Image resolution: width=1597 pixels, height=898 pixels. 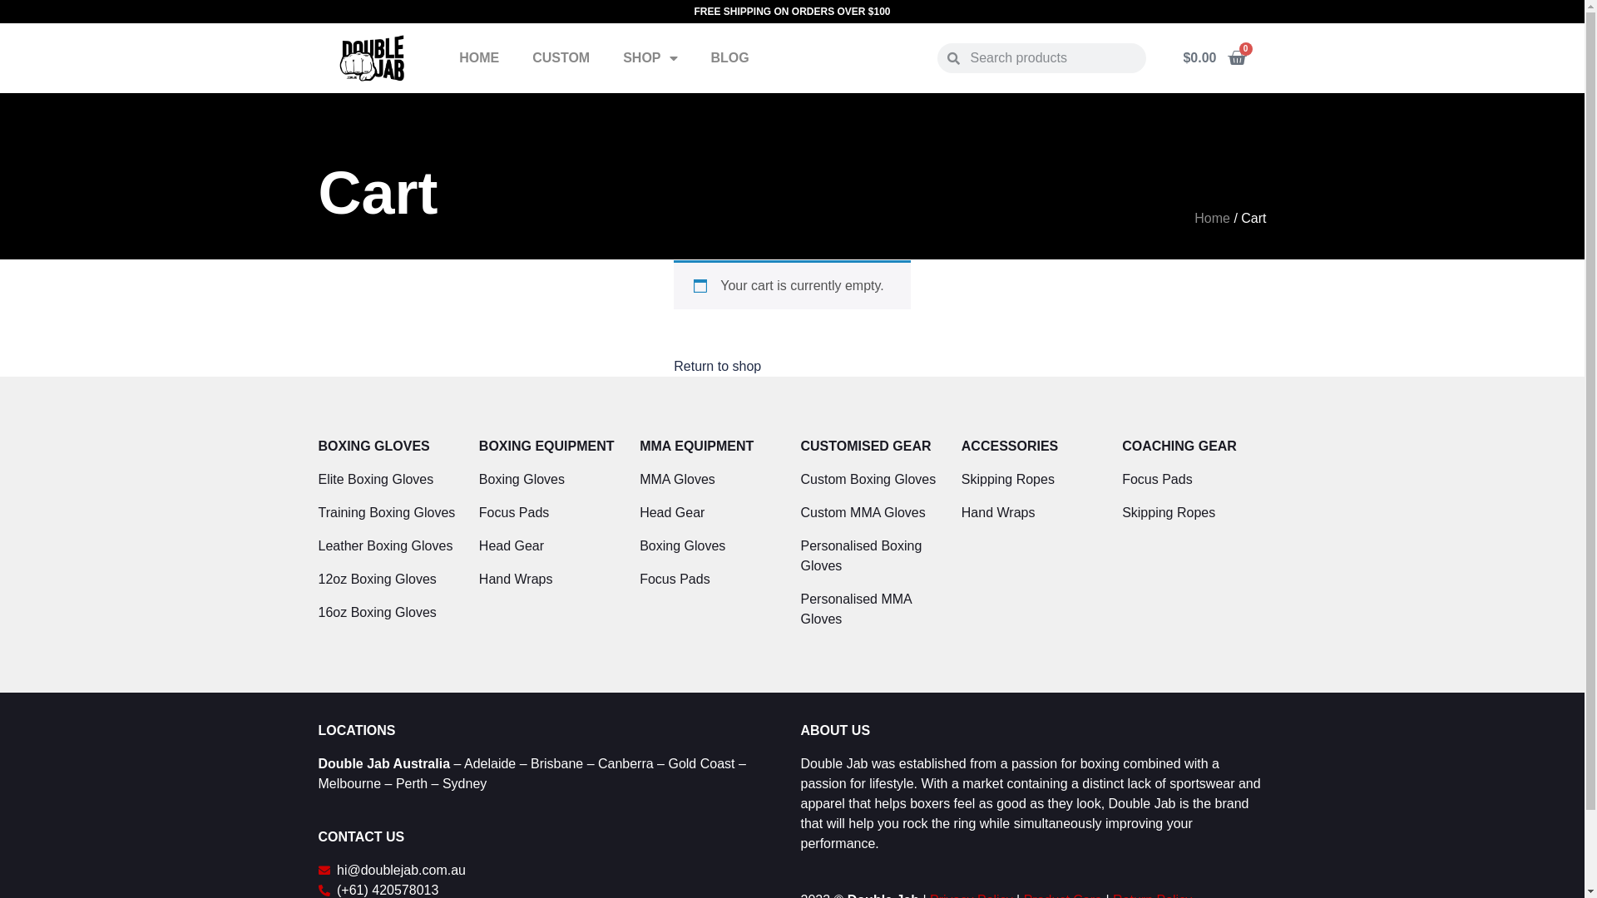 What do you see at coordinates (1212, 217) in the screenshot?
I see `'Home'` at bounding box center [1212, 217].